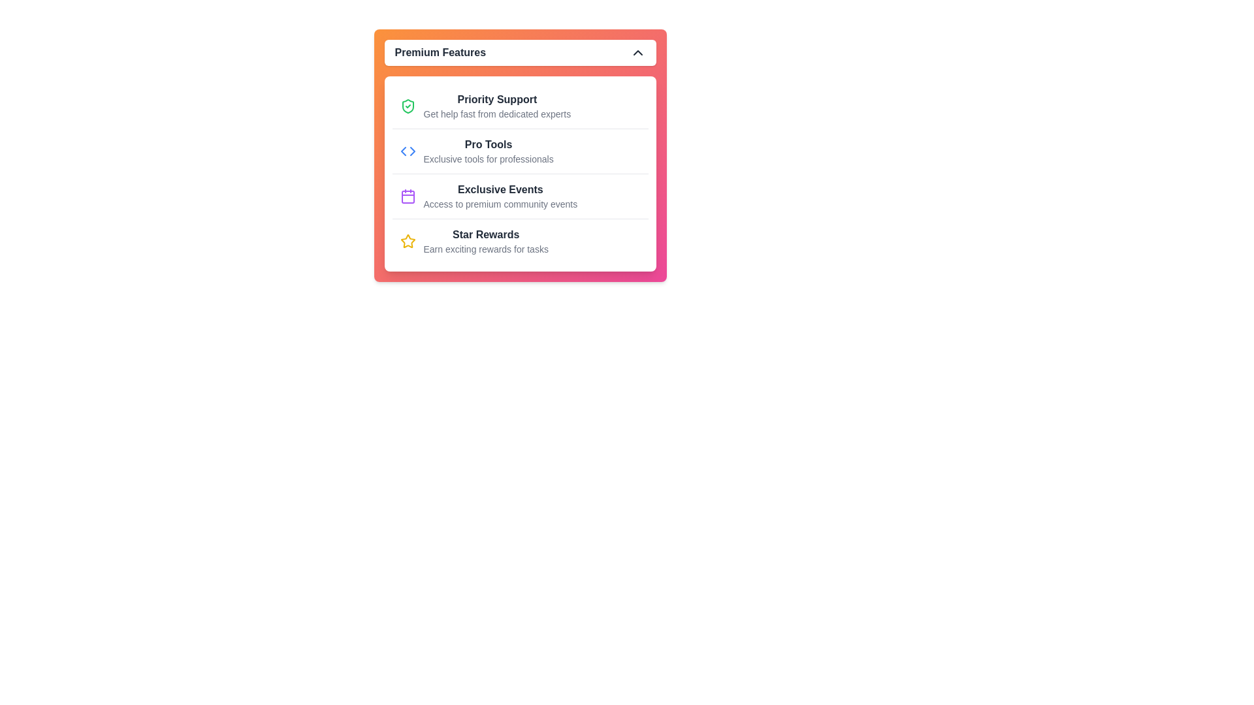  Describe the element at coordinates (402, 150) in the screenshot. I see `the blue left-pointing arrow icon that is part of a pair of arrows forming a code bracket symbol, located beside the 'Pro Tools' text in the second row of options` at that location.